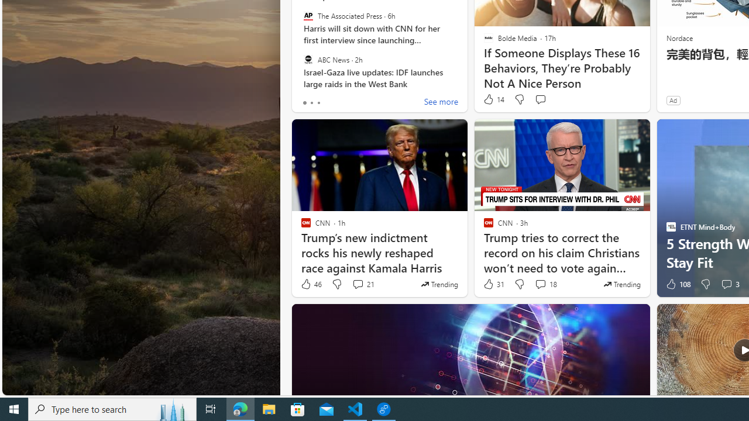  I want to click on 'The Associated Press', so click(308, 16).